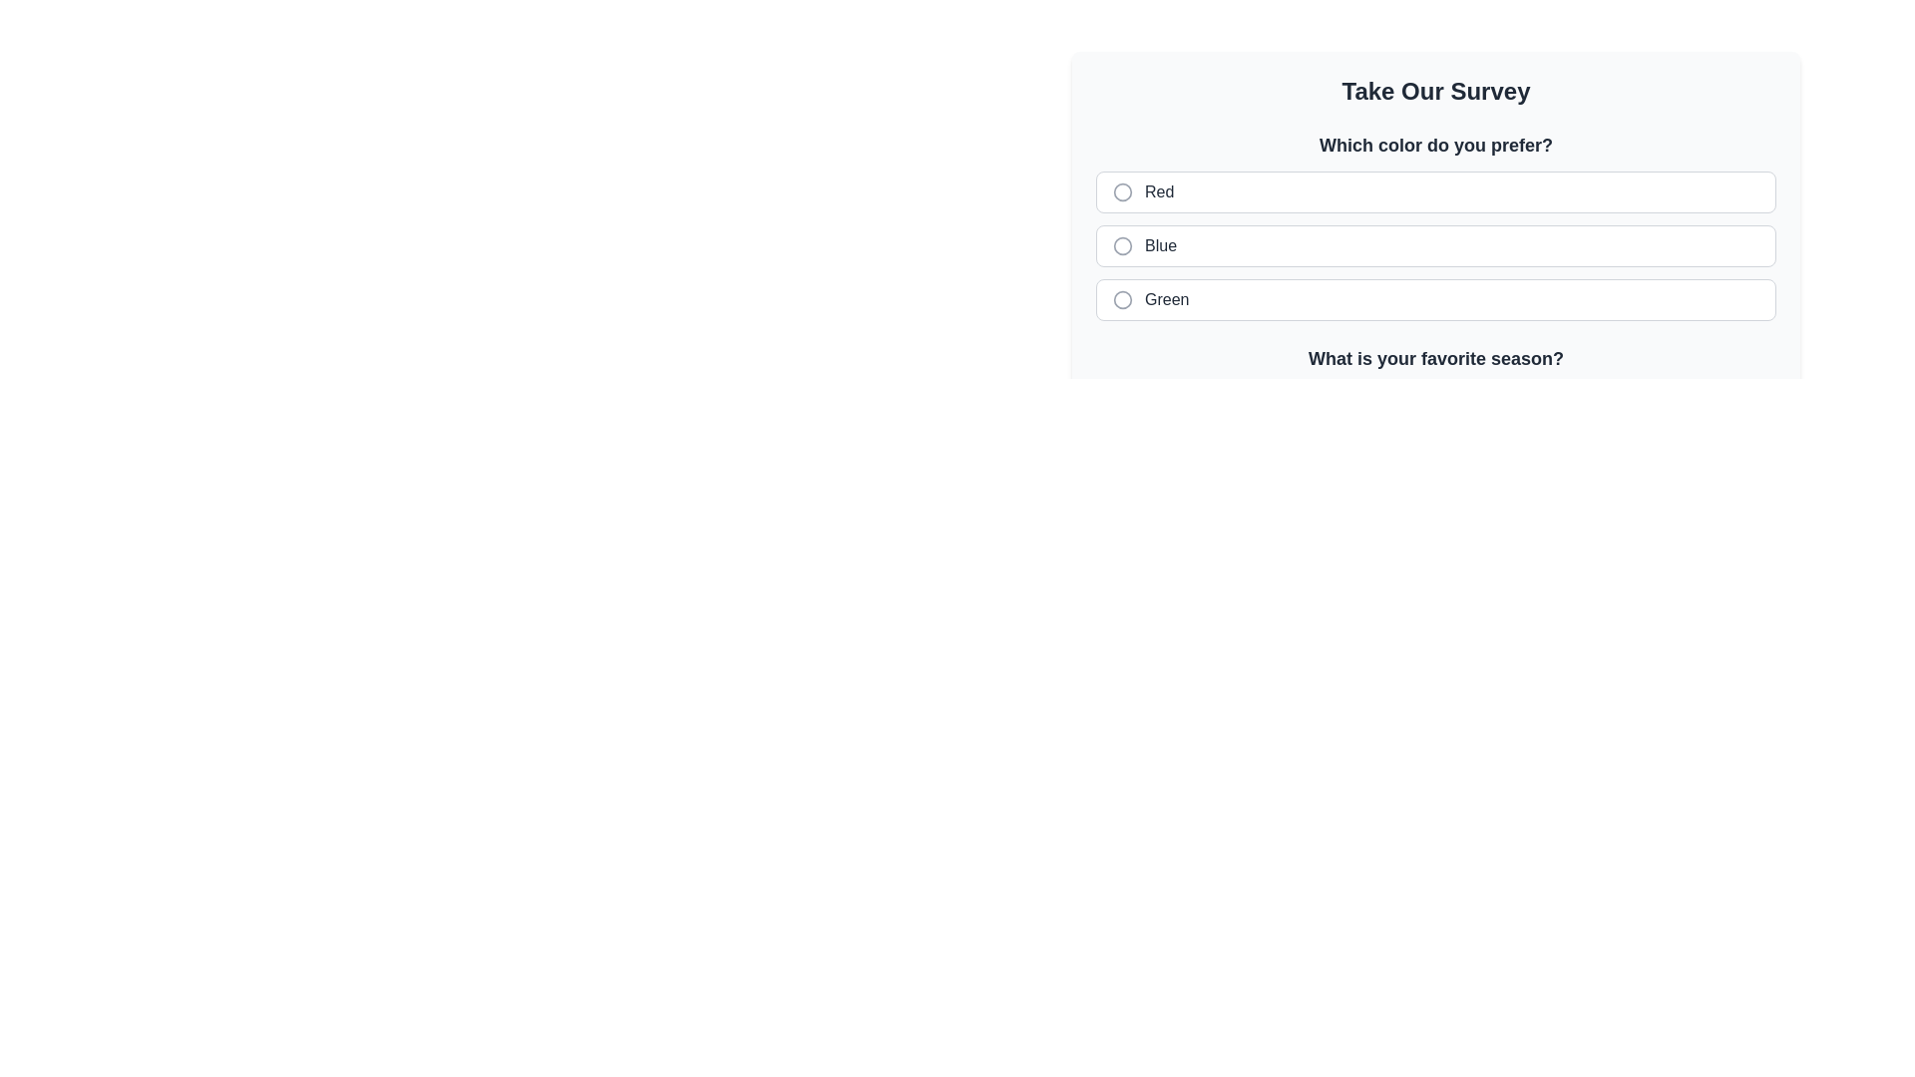 This screenshot has width=1915, height=1077. Describe the element at coordinates (1159, 191) in the screenshot. I see `the radio button associated with the 'Red' option in the survey question 'Which color do you prefer?'` at that location.